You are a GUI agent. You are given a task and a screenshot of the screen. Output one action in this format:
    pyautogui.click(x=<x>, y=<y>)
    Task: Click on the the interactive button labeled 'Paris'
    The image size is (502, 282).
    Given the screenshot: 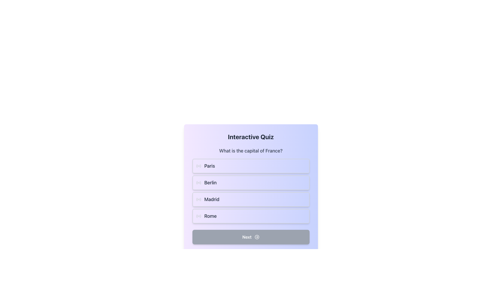 What is the action you would take?
    pyautogui.click(x=209, y=166)
    